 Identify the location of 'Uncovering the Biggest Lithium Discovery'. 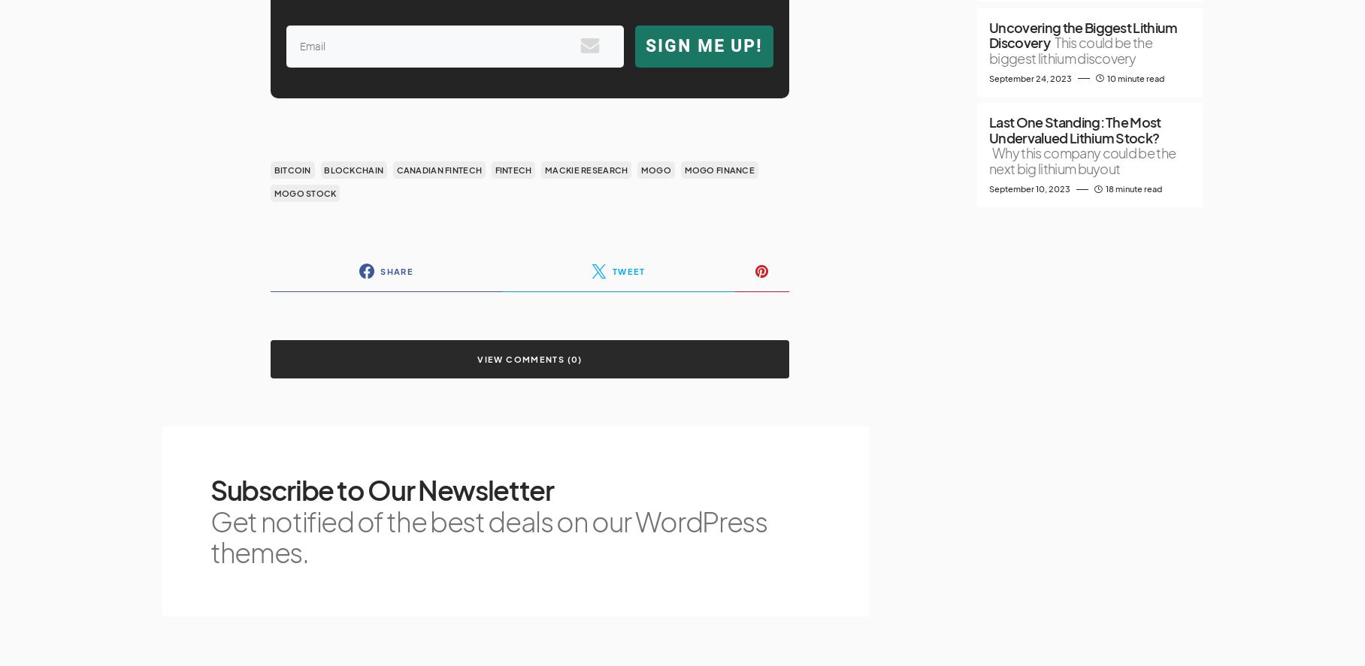
(1082, 35).